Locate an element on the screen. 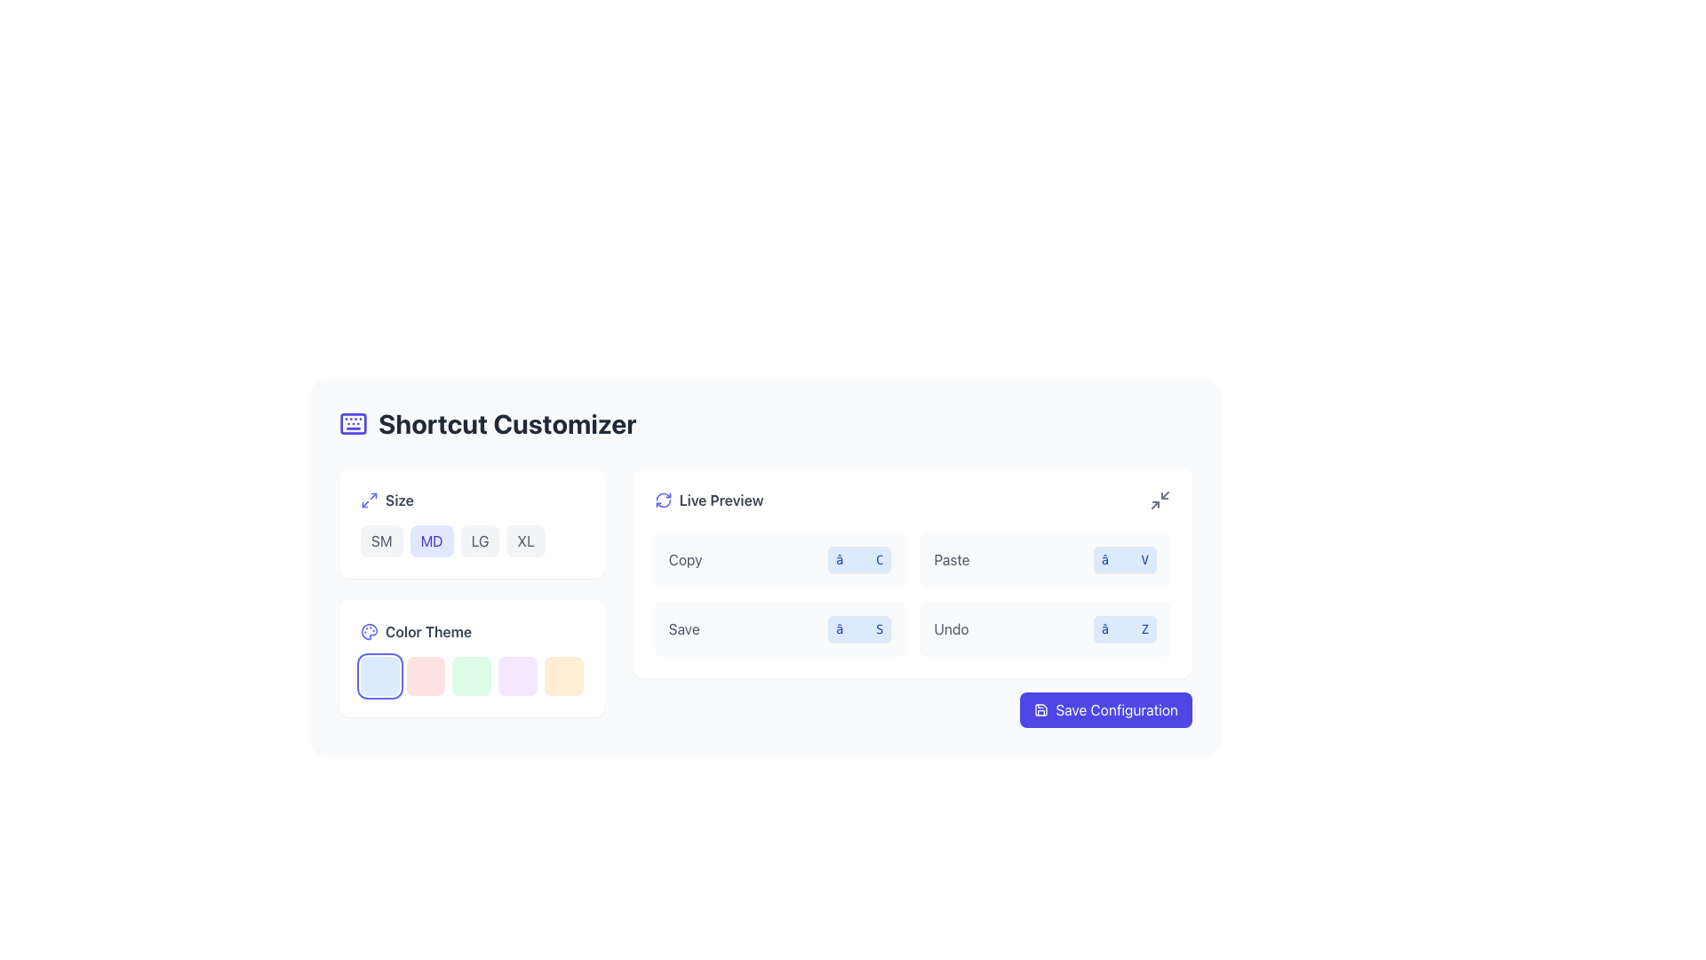 The height and width of the screenshot is (960, 1706). the 'Small' size button located in the 'Size' section is located at coordinates (380, 540).